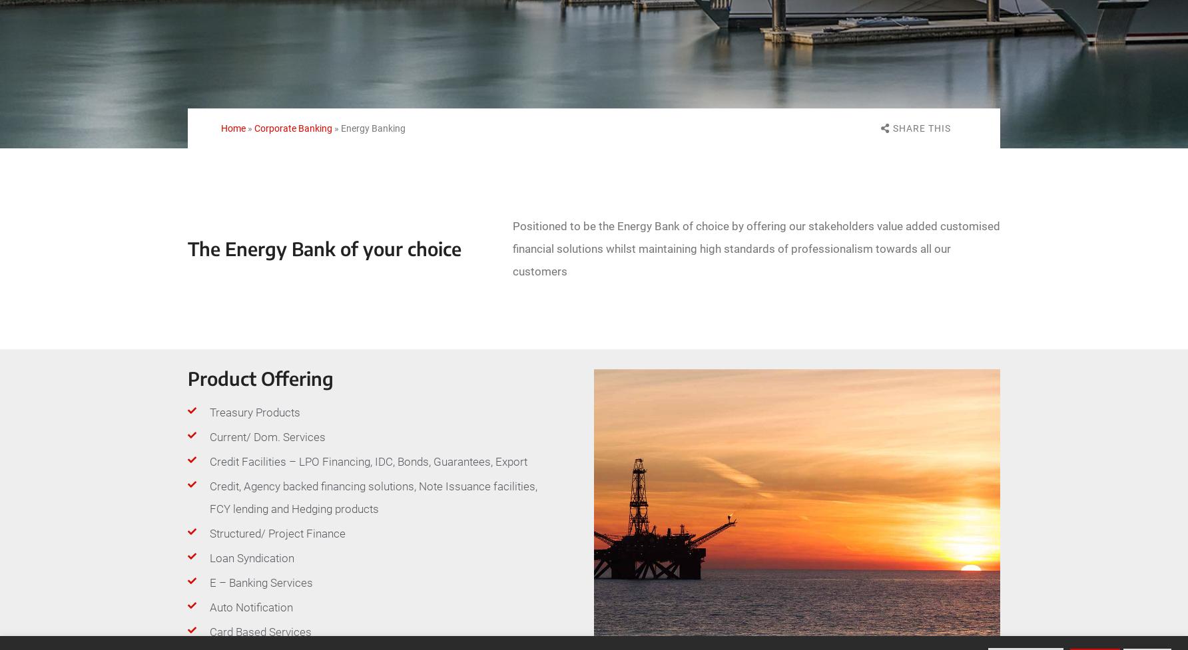  Describe the element at coordinates (276, 534) in the screenshot. I see `'Structured/ Project Finance'` at that location.